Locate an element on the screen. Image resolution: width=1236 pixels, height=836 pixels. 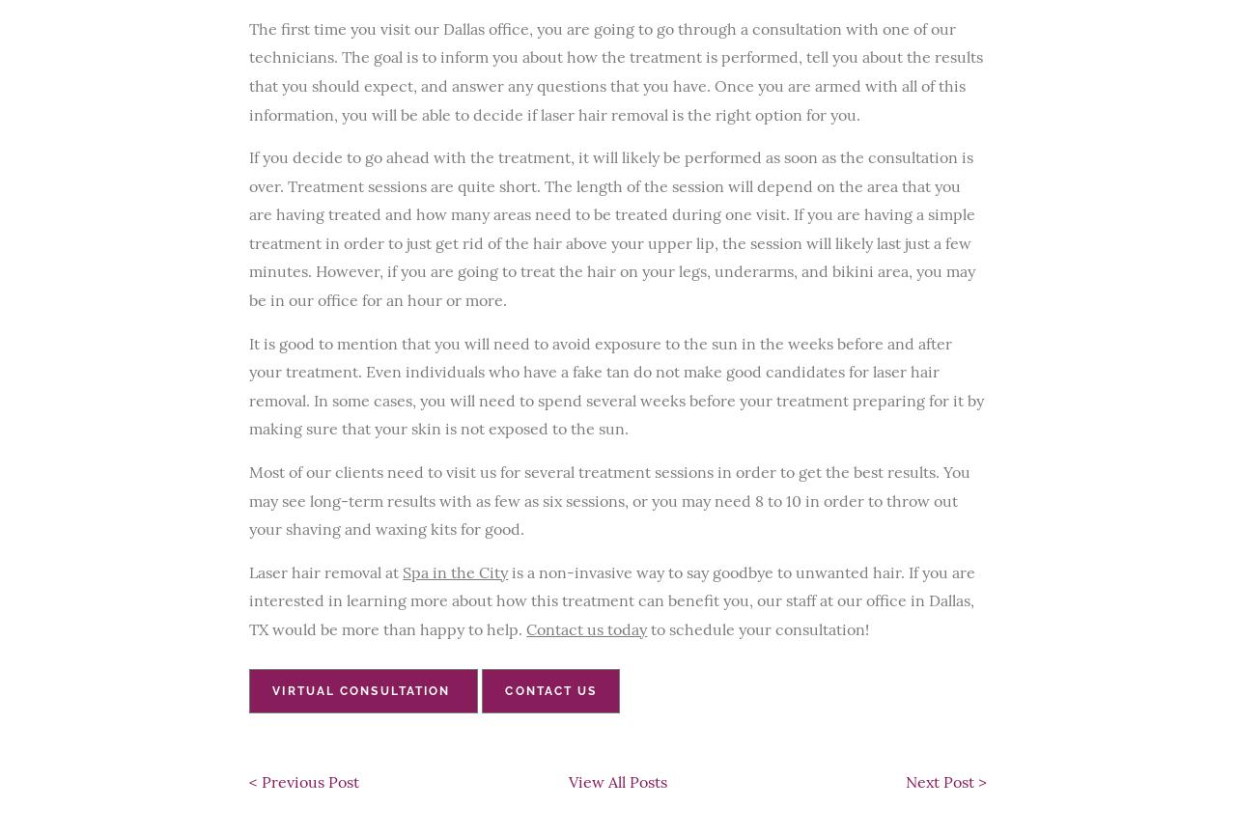
'<' is located at coordinates (254, 780).